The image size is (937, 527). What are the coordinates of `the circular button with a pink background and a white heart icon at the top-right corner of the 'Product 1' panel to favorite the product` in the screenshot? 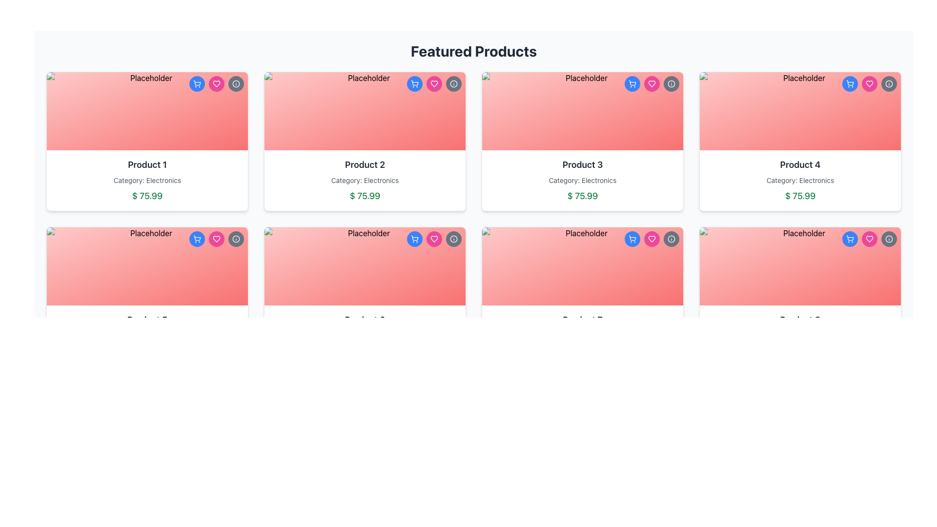 It's located at (216, 83).